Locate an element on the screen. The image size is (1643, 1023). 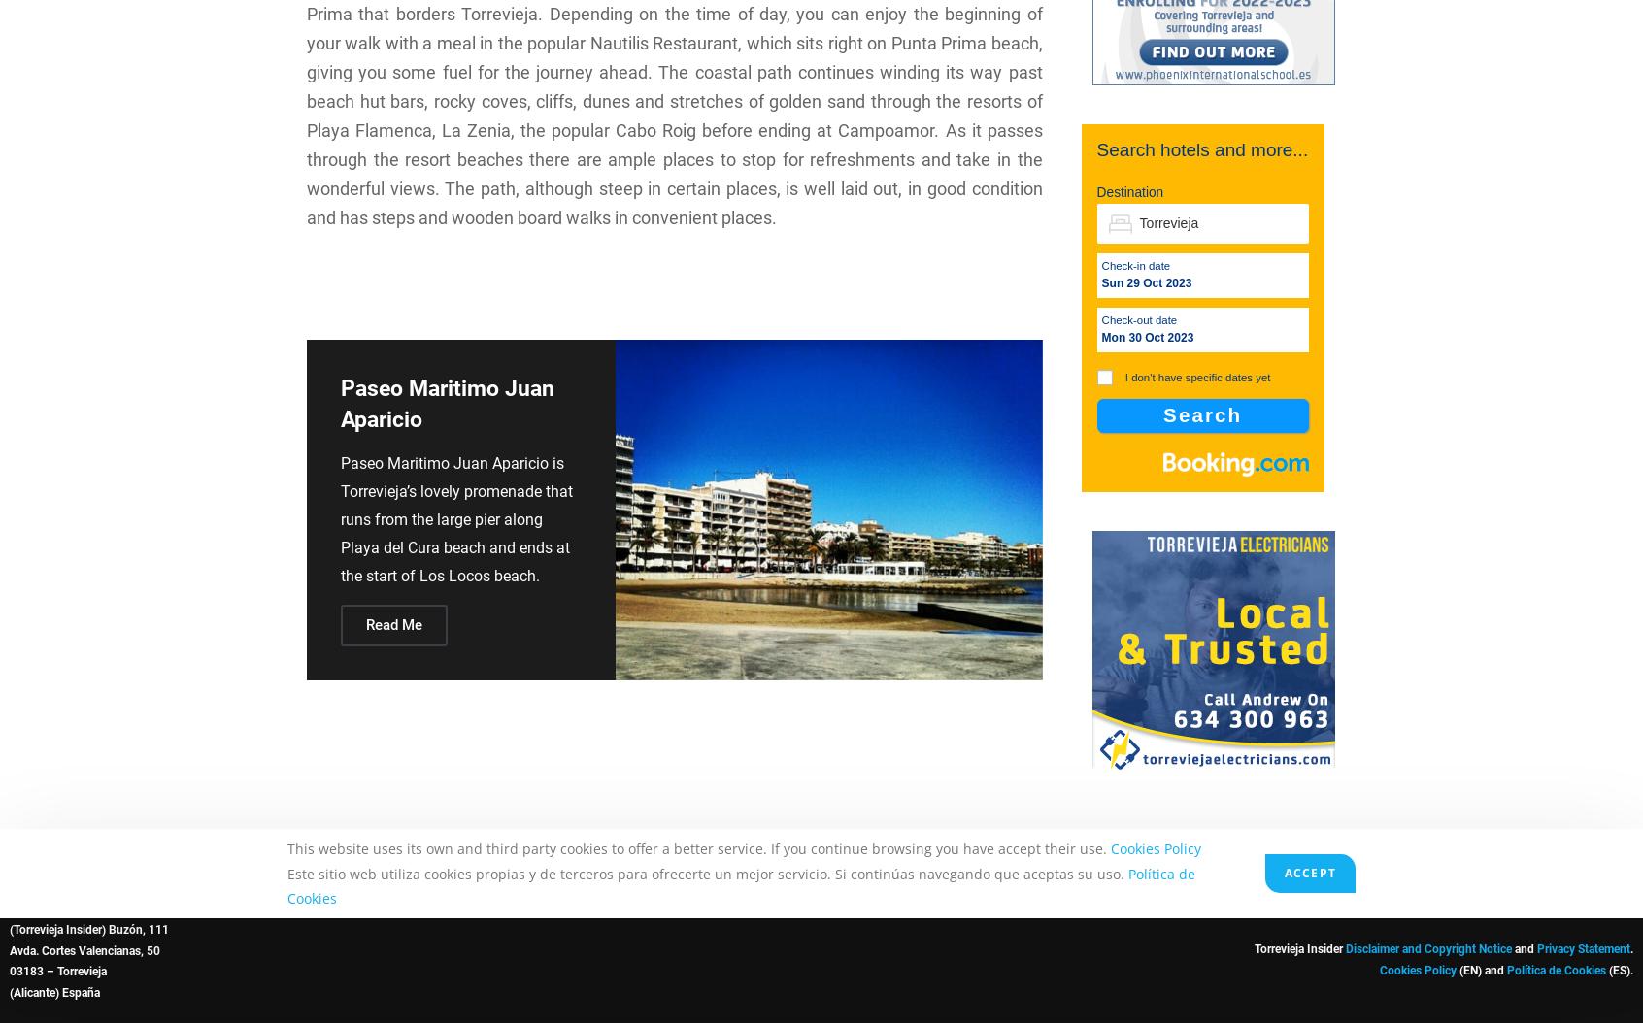
'Check-in date' is located at coordinates (1134, 265).